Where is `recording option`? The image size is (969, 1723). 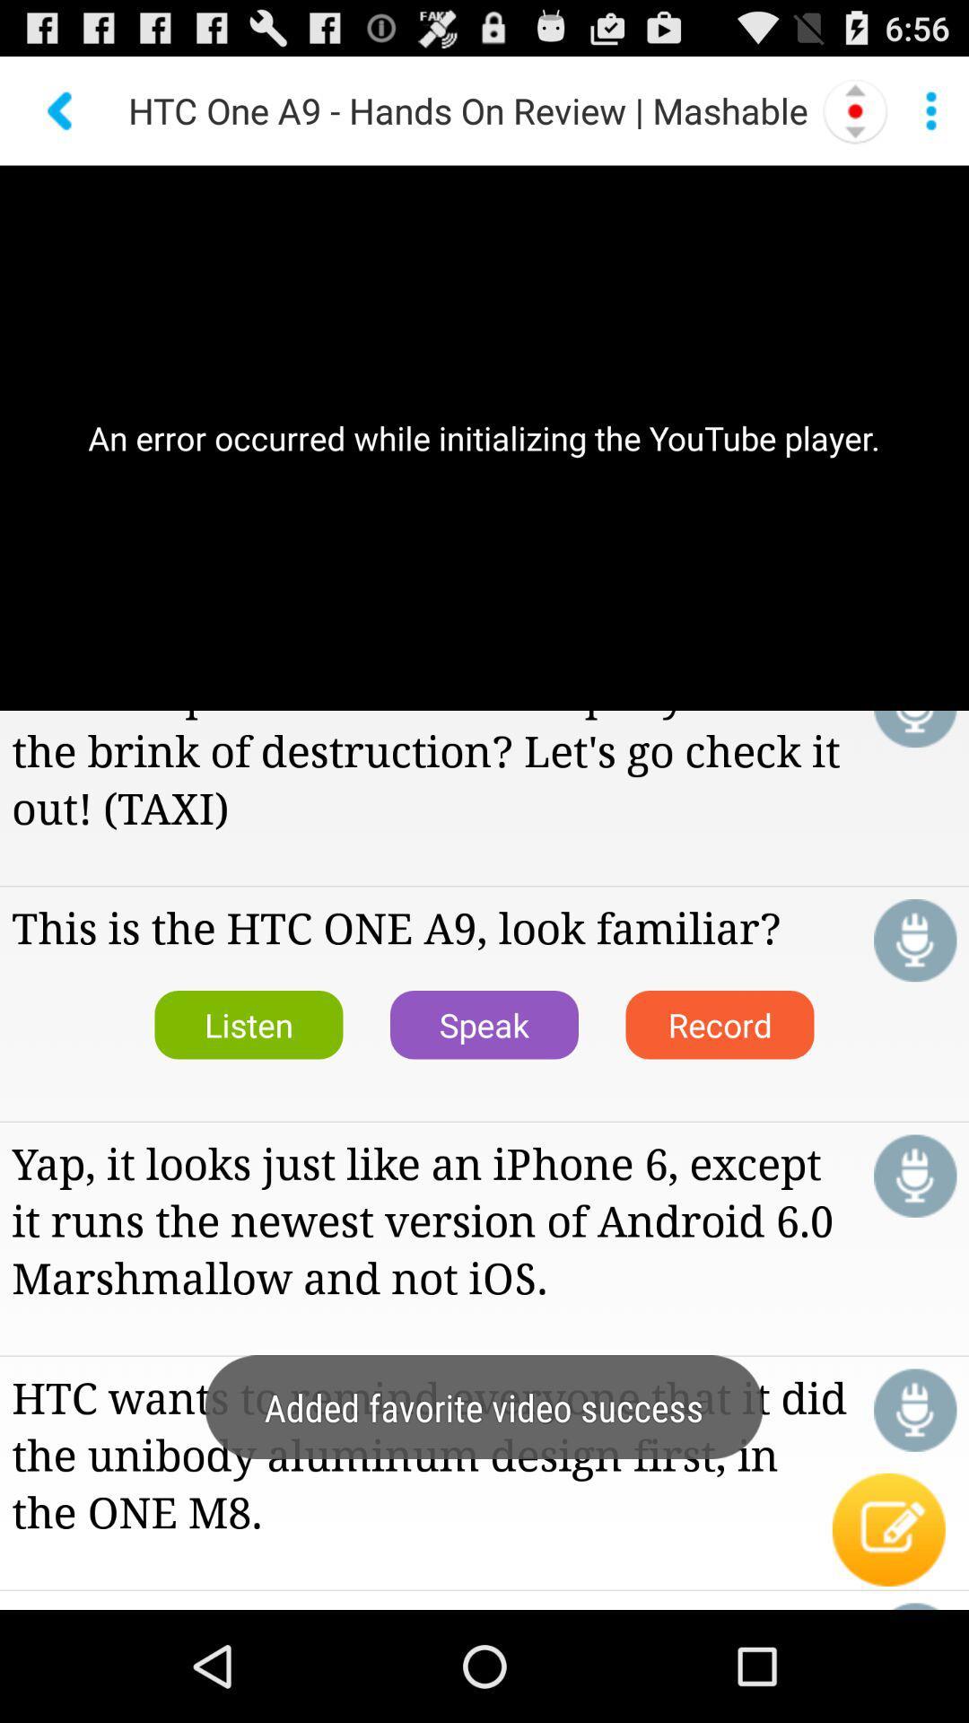 recording option is located at coordinates (854, 109).